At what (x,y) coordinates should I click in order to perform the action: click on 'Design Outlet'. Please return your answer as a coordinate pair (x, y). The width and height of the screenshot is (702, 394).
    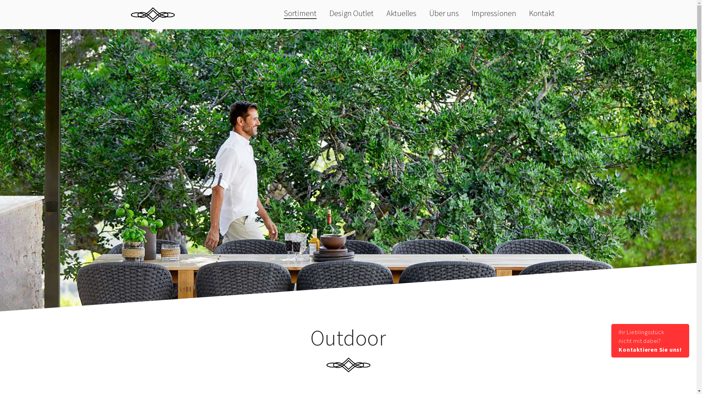
    Looking at the image, I should click on (351, 13).